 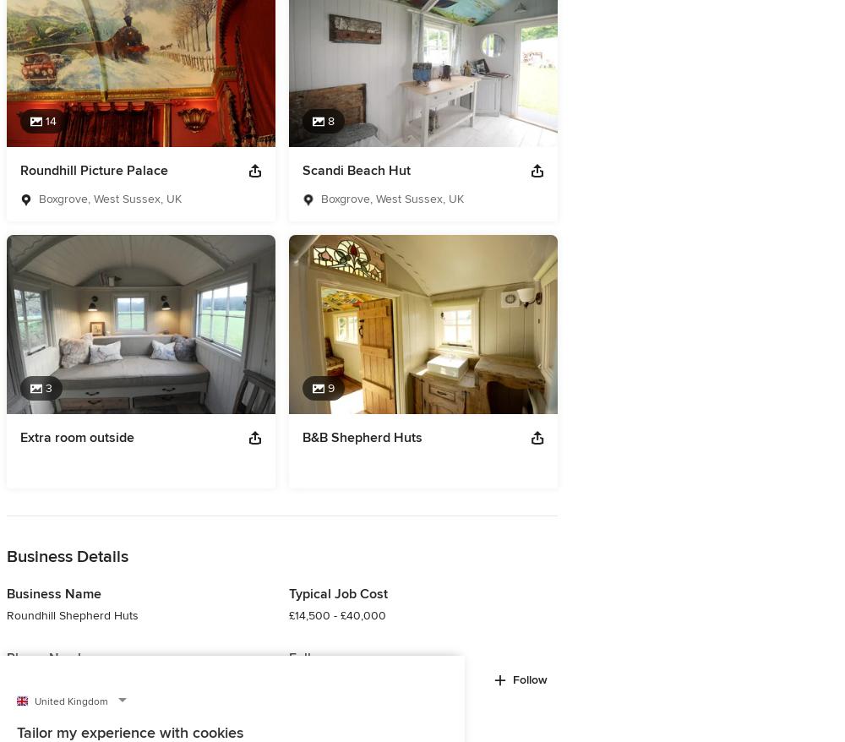 I want to click on '100 Followers', so click(x=325, y=678).